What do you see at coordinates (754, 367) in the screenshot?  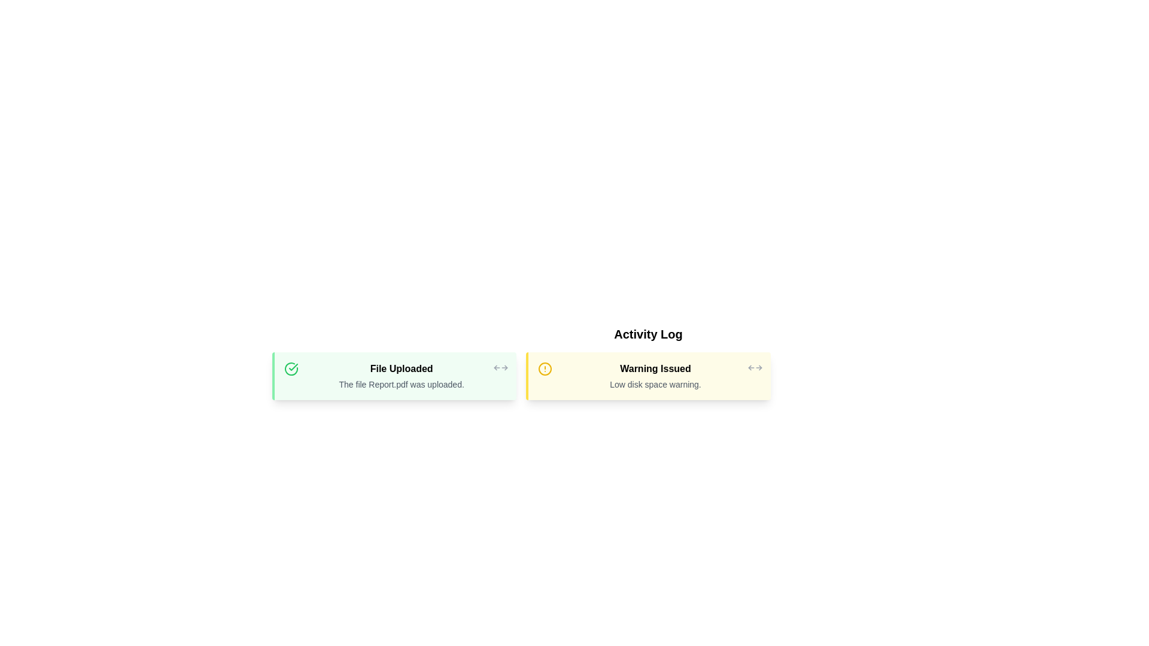 I see `the close button of the activity log entry with title Warning Issued` at bounding box center [754, 367].